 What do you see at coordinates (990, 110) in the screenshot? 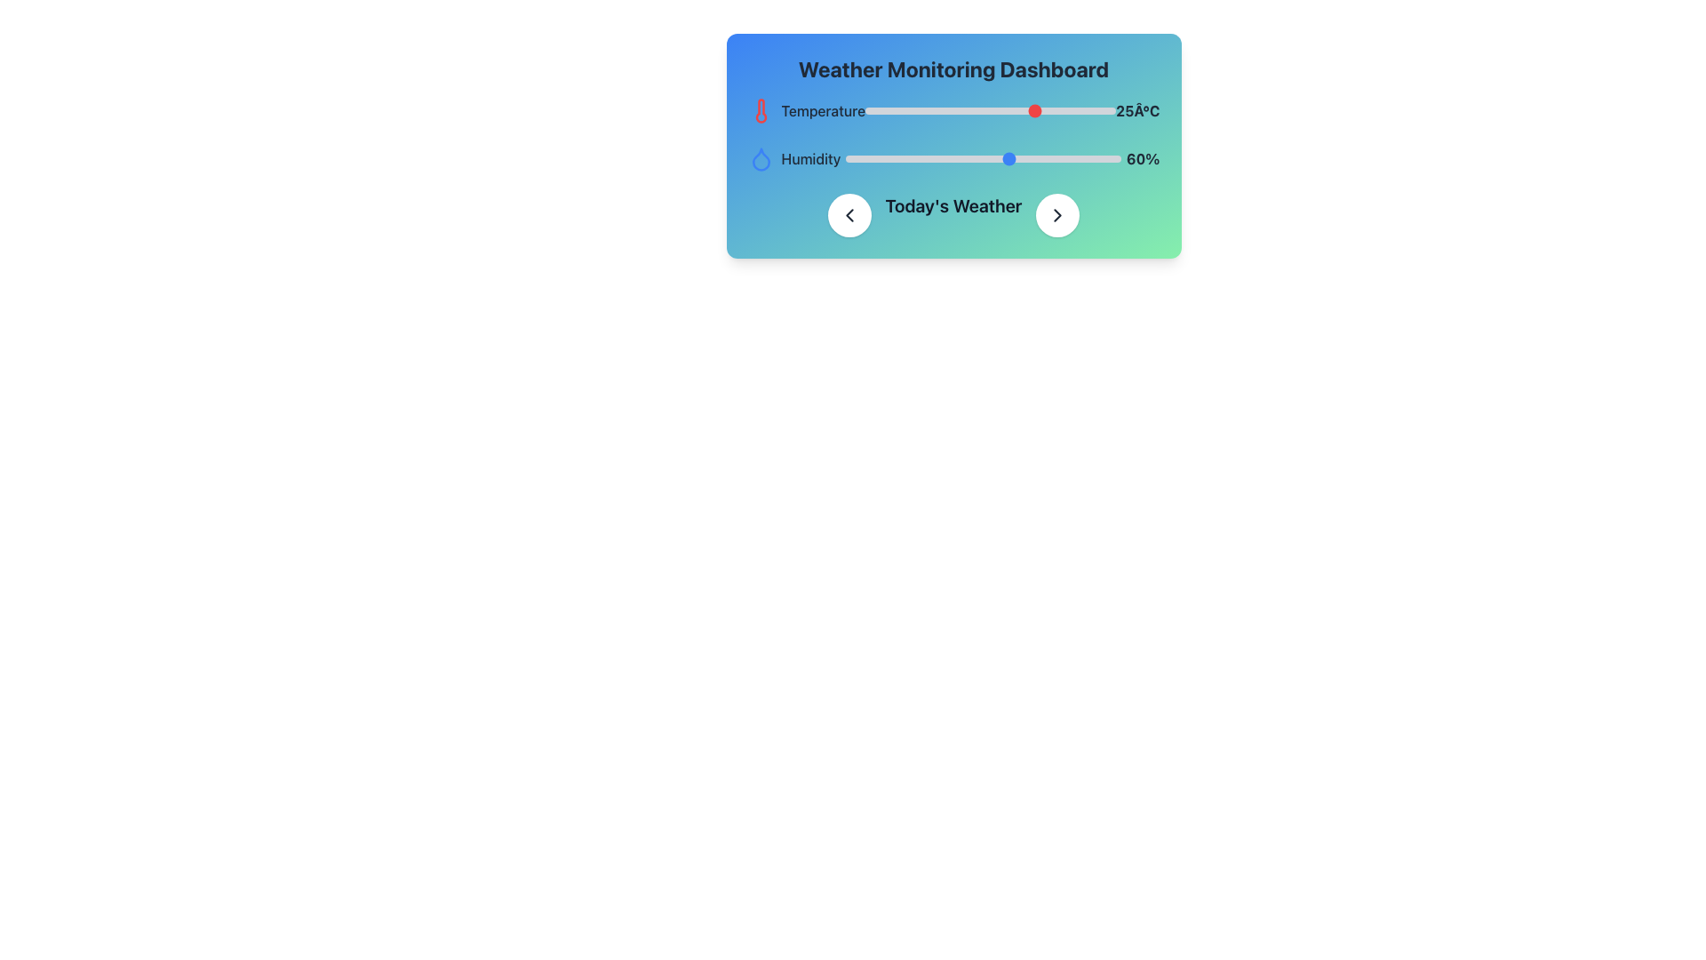
I see `the range slider for temperature selection, which features a rounded red thumb and a light gray track` at bounding box center [990, 110].